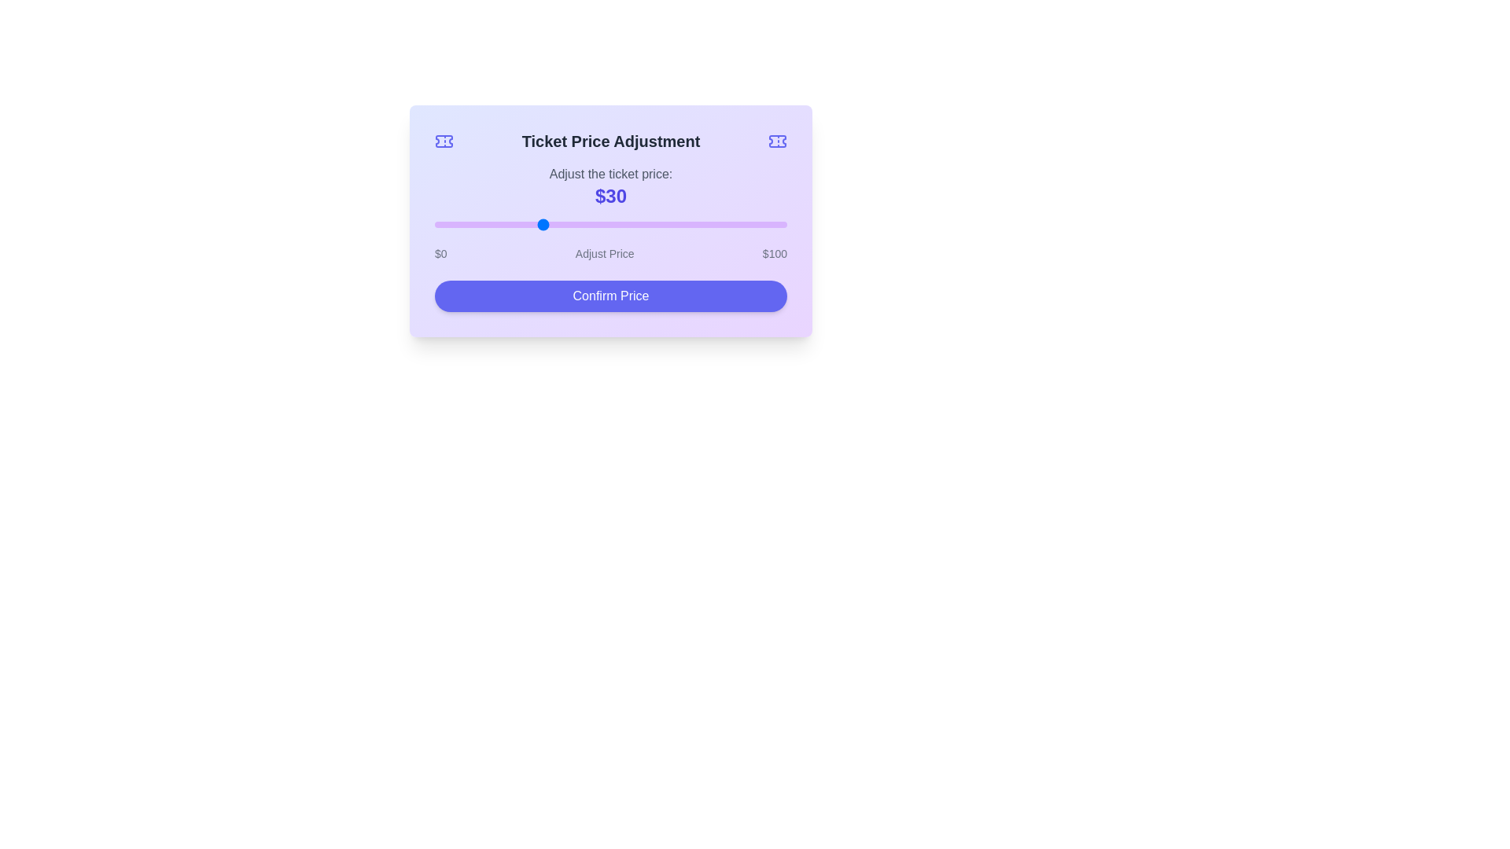 This screenshot has height=849, width=1510. Describe the element at coordinates (759, 224) in the screenshot. I see `the ticket price to 92 using the slider` at that location.